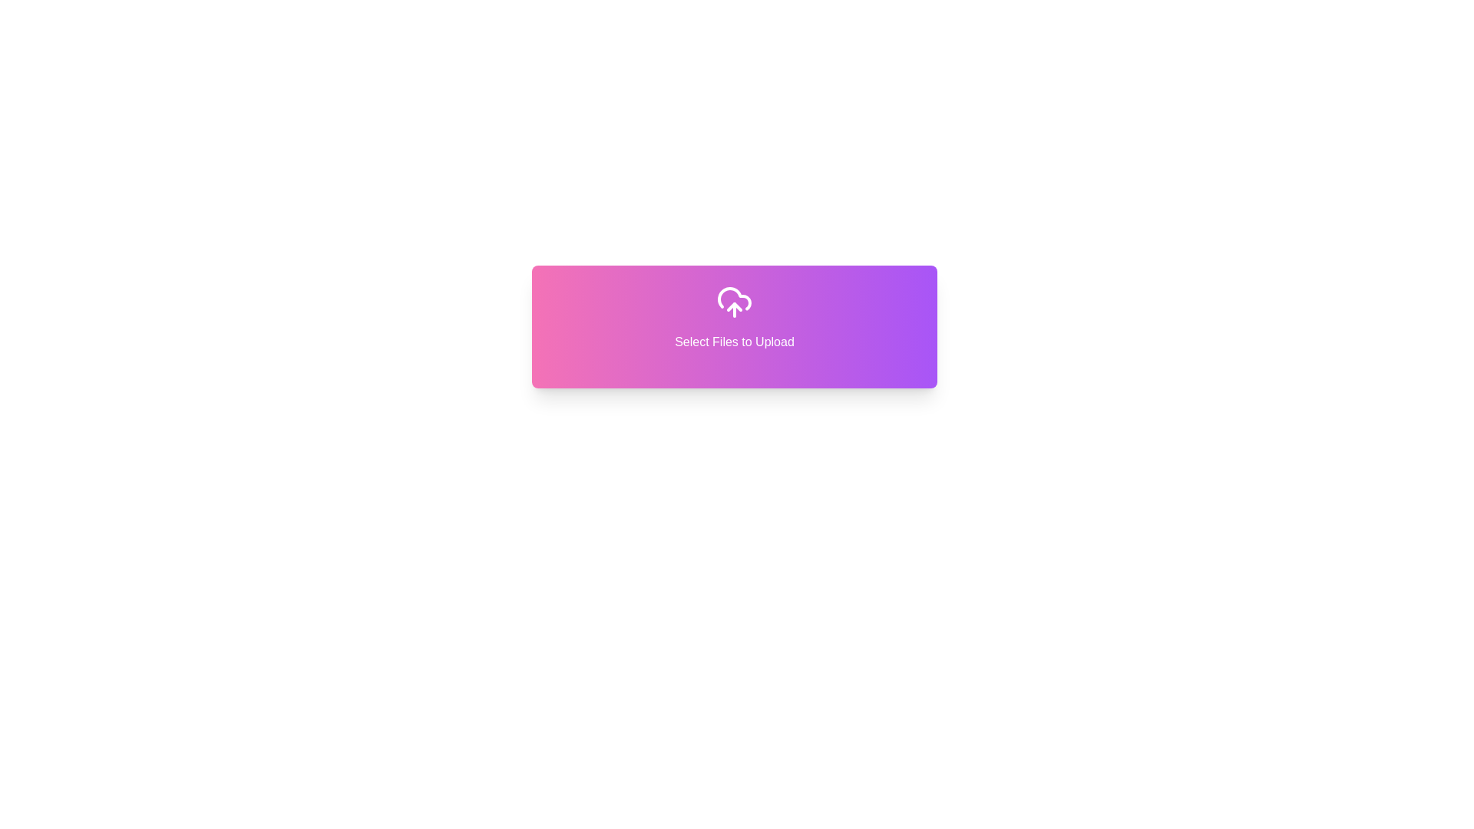 The image size is (1474, 829). I want to click on the cloud icon with an upward arrow, which is centrally located within the 'Select Files to Upload' button, to proceed with the file upload, so click(733, 302).